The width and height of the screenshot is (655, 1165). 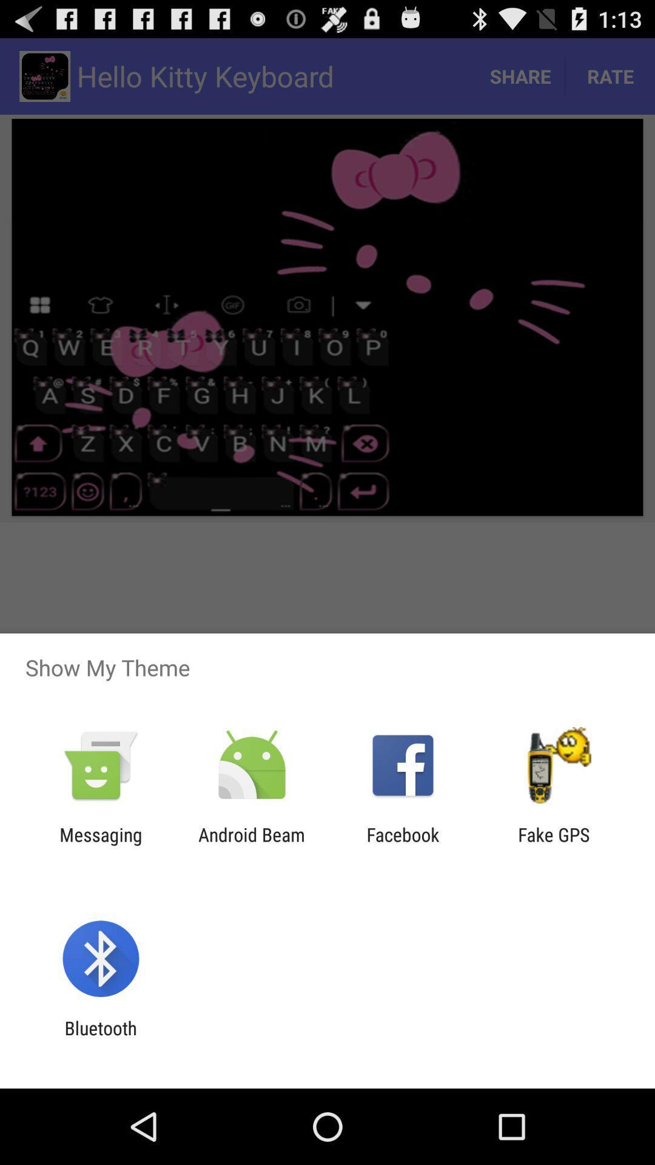 What do you see at coordinates (251, 845) in the screenshot?
I see `the android beam item` at bounding box center [251, 845].